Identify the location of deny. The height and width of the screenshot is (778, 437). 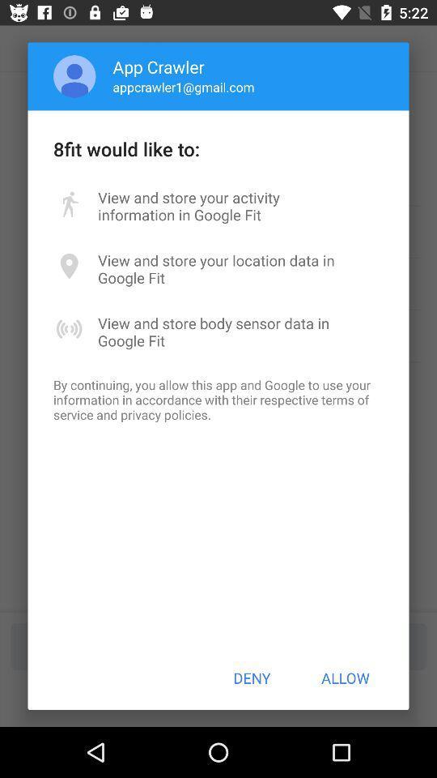
(252, 678).